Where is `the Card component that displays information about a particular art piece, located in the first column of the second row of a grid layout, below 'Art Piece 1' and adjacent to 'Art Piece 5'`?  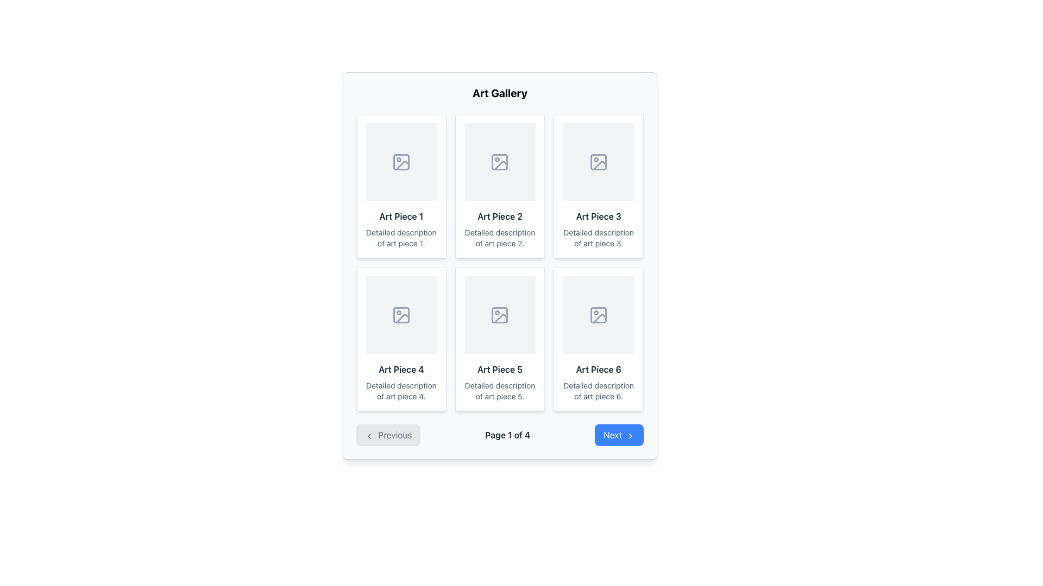
the Card component that displays information about a particular art piece, located in the first column of the second row of a grid layout, below 'Art Piece 1' and adjacent to 'Art Piece 5' is located at coordinates (400, 338).